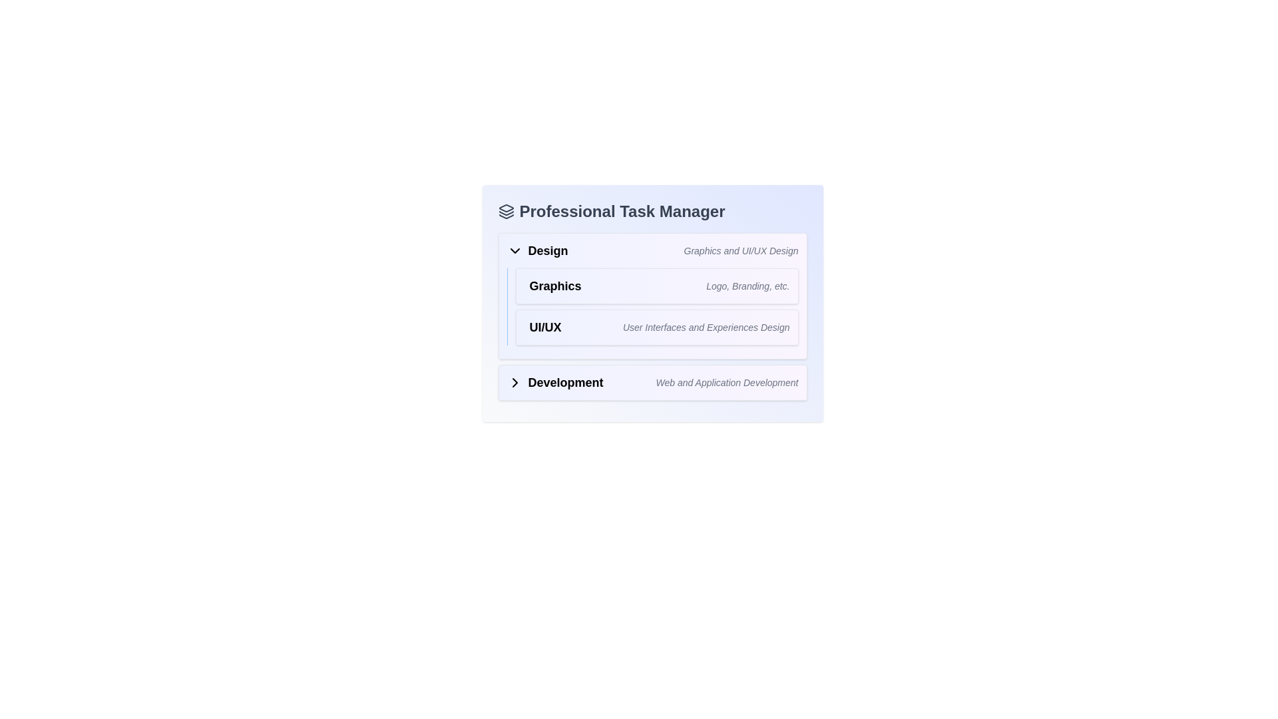 Image resolution: width=1278 pixels, height=719 pixels. Describe the element at coordinates (552, 285) in the screenshot. I see `the first Text label under the 'Design' category` at that location.